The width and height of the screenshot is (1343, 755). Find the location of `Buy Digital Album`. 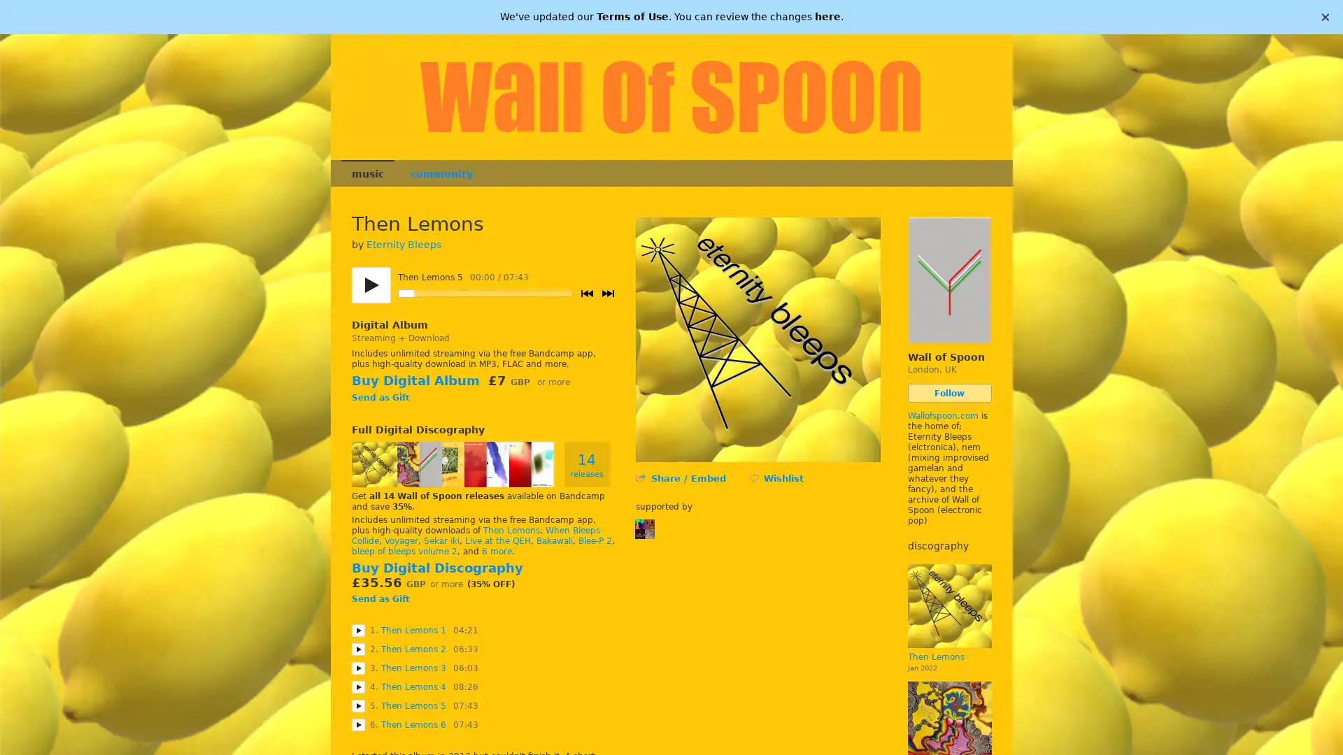

Buy Digital Album is located at coordinates (414, 380).